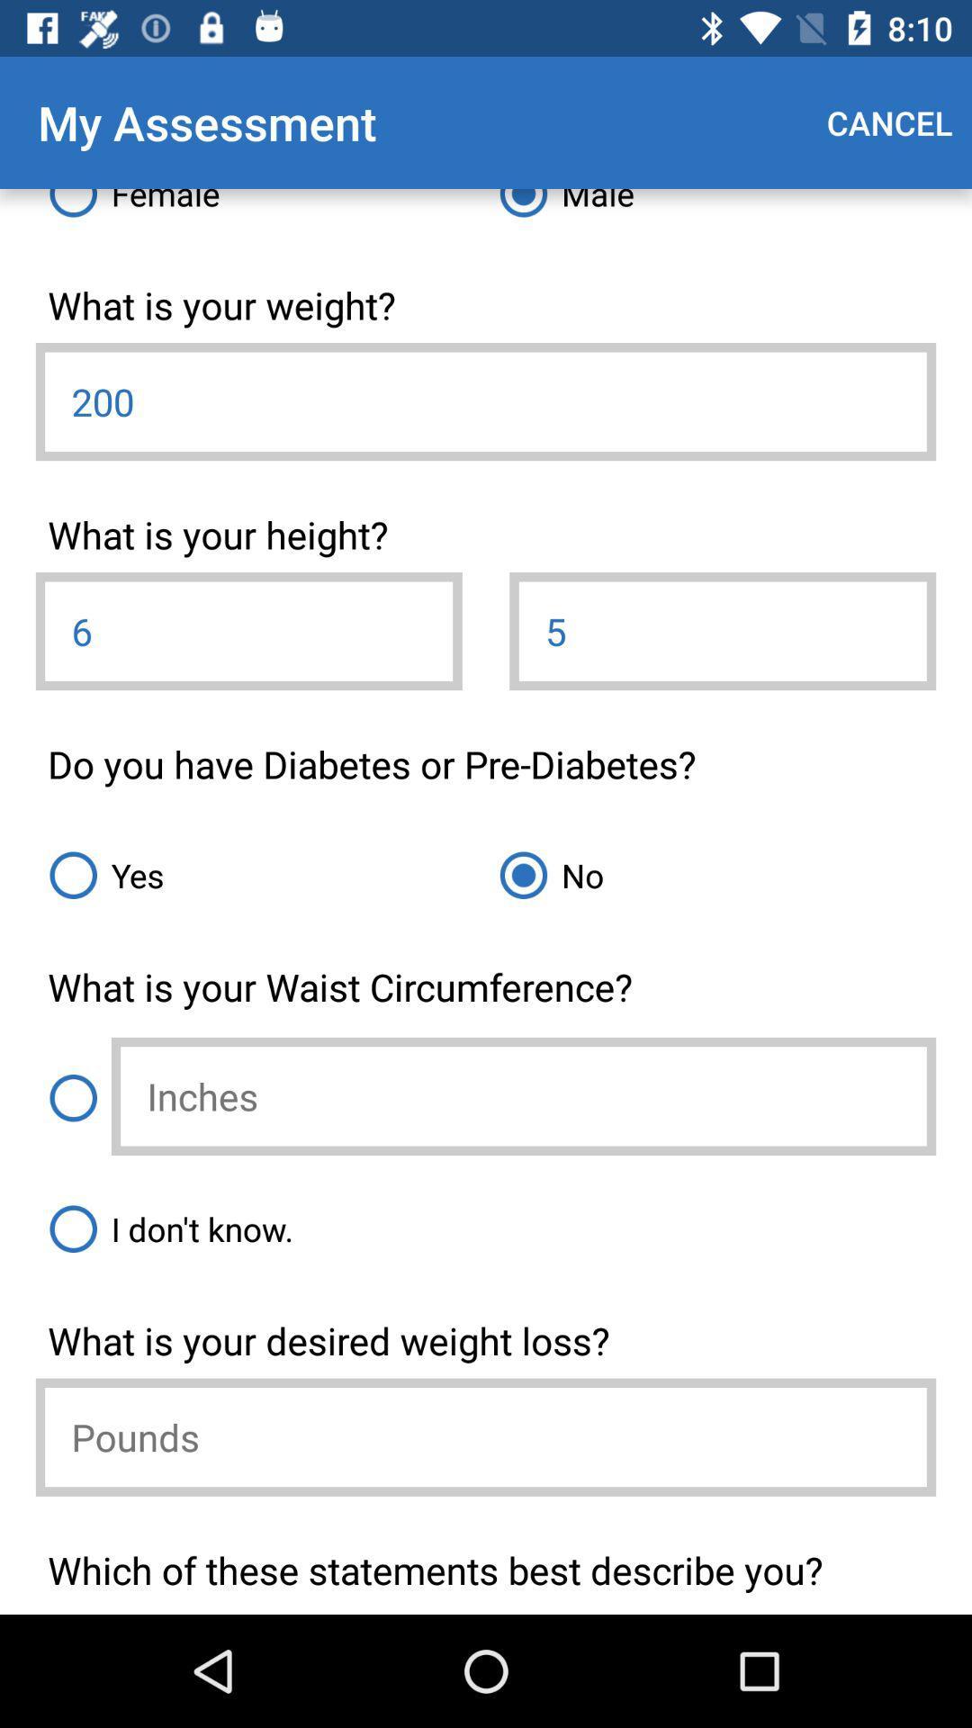 The width and height of the screenshot is (972, 1728). What do you see at coordinates (248, 631) in the screenshot?
I see `icon above the do you have icon` at bounding box center [248, 631].